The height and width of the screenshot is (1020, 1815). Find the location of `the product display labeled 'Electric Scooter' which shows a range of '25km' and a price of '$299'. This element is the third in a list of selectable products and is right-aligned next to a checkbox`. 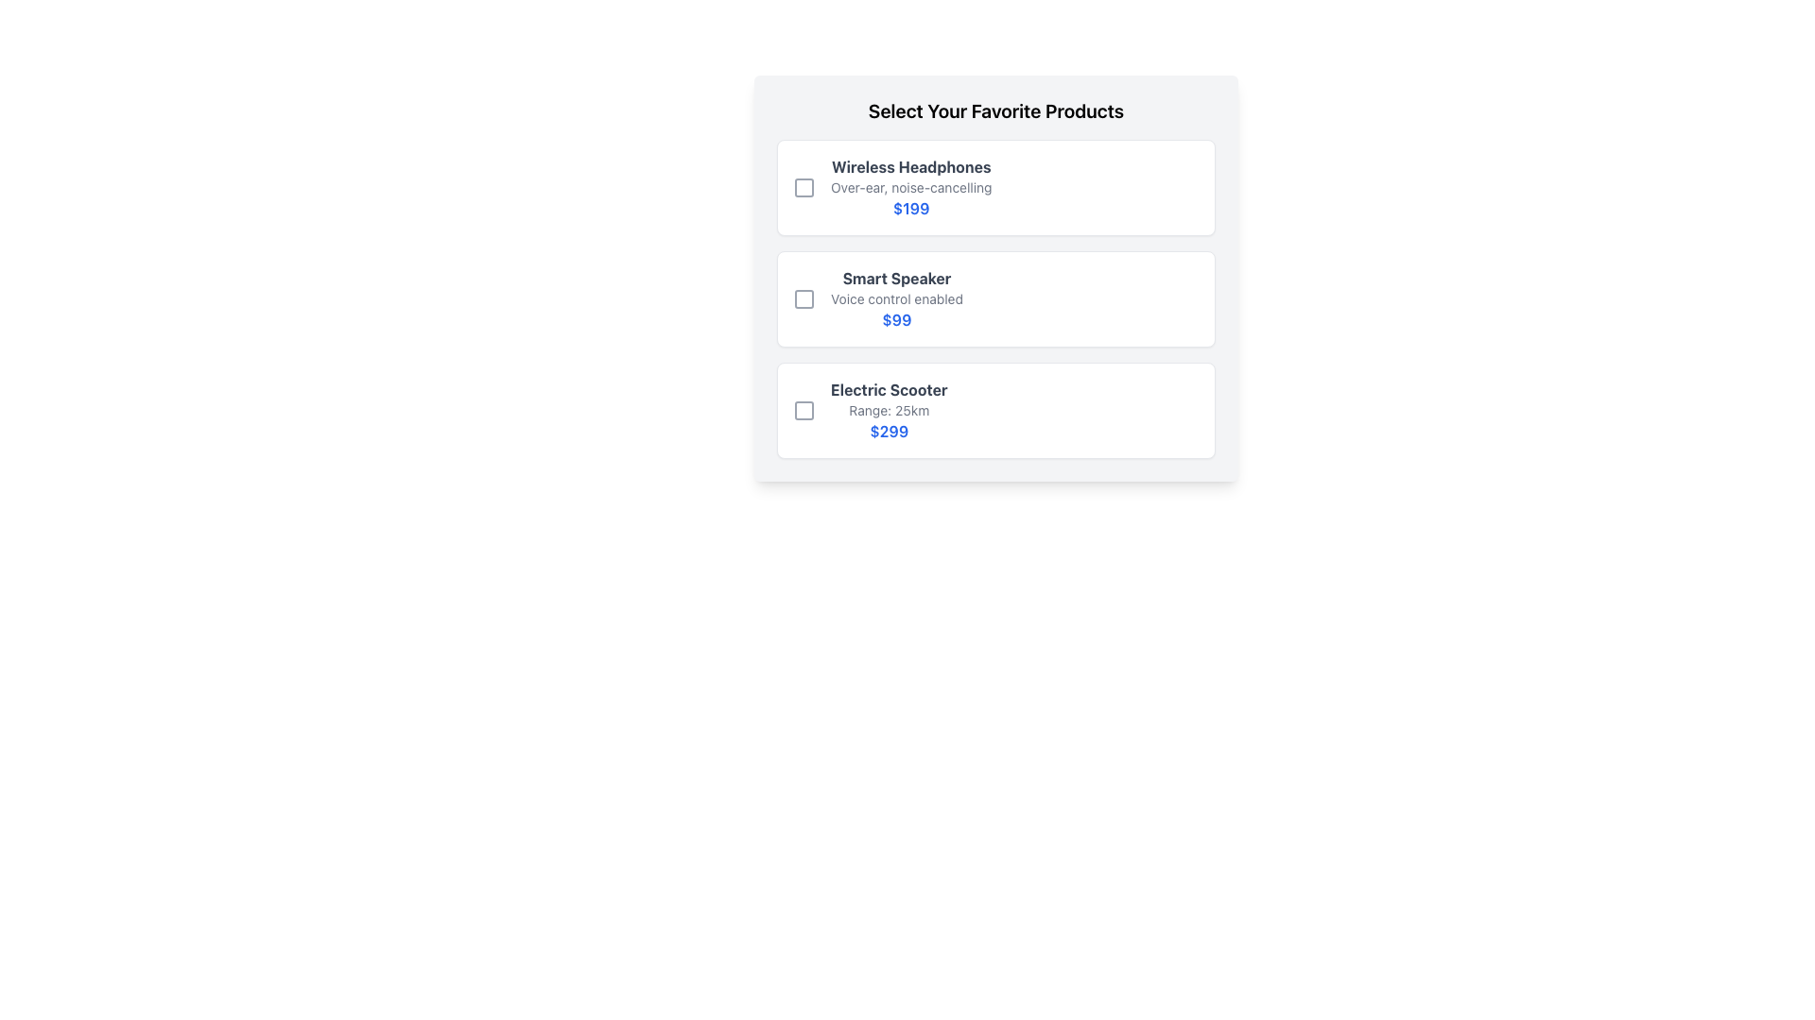

the product display labeled 'Electric Scooter' which shows a range of '25km' and a price of '$299'. This element is the third in a list of selectable products and is right-aligned next to a checkbox is located at coordinates (888, 410).